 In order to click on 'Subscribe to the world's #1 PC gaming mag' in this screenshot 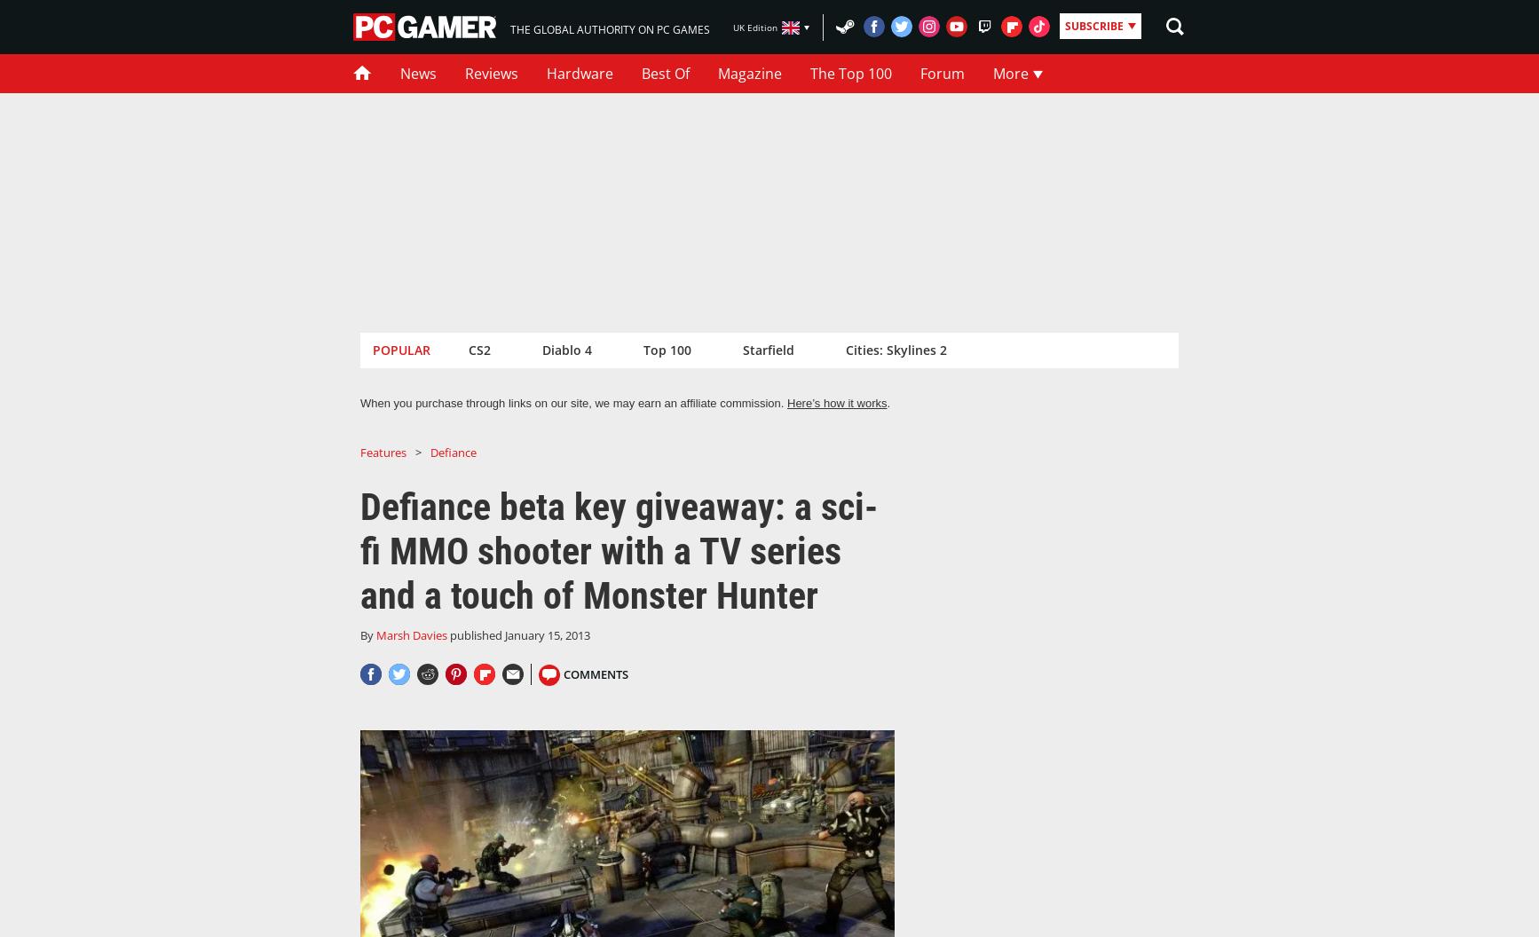, I will do `click(727, 200)`.